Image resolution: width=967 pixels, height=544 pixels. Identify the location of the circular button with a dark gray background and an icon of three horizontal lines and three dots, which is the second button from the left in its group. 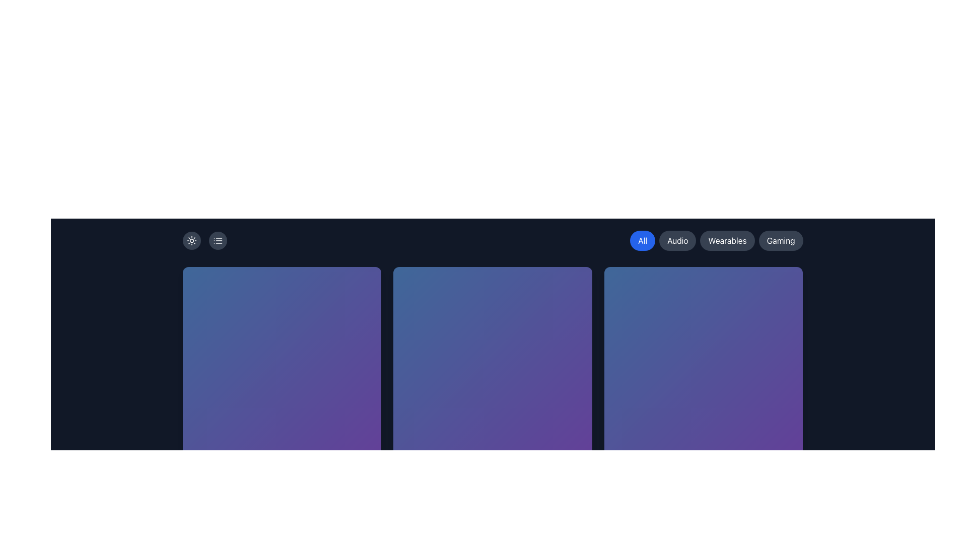
(217, 241).